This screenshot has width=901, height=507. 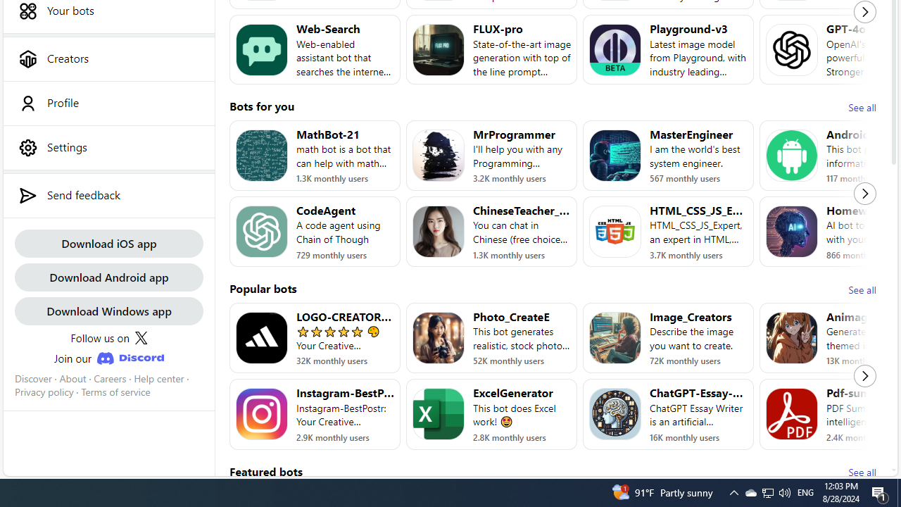 I want to click on 'Bot image for HTML_CSS_JS_Expert', so click(x=615, y=231).